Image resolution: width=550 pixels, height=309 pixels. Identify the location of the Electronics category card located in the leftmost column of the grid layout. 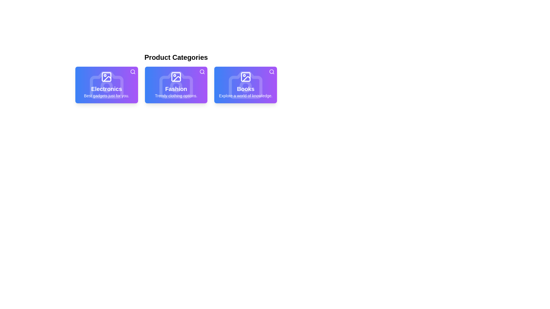
(107, 85).